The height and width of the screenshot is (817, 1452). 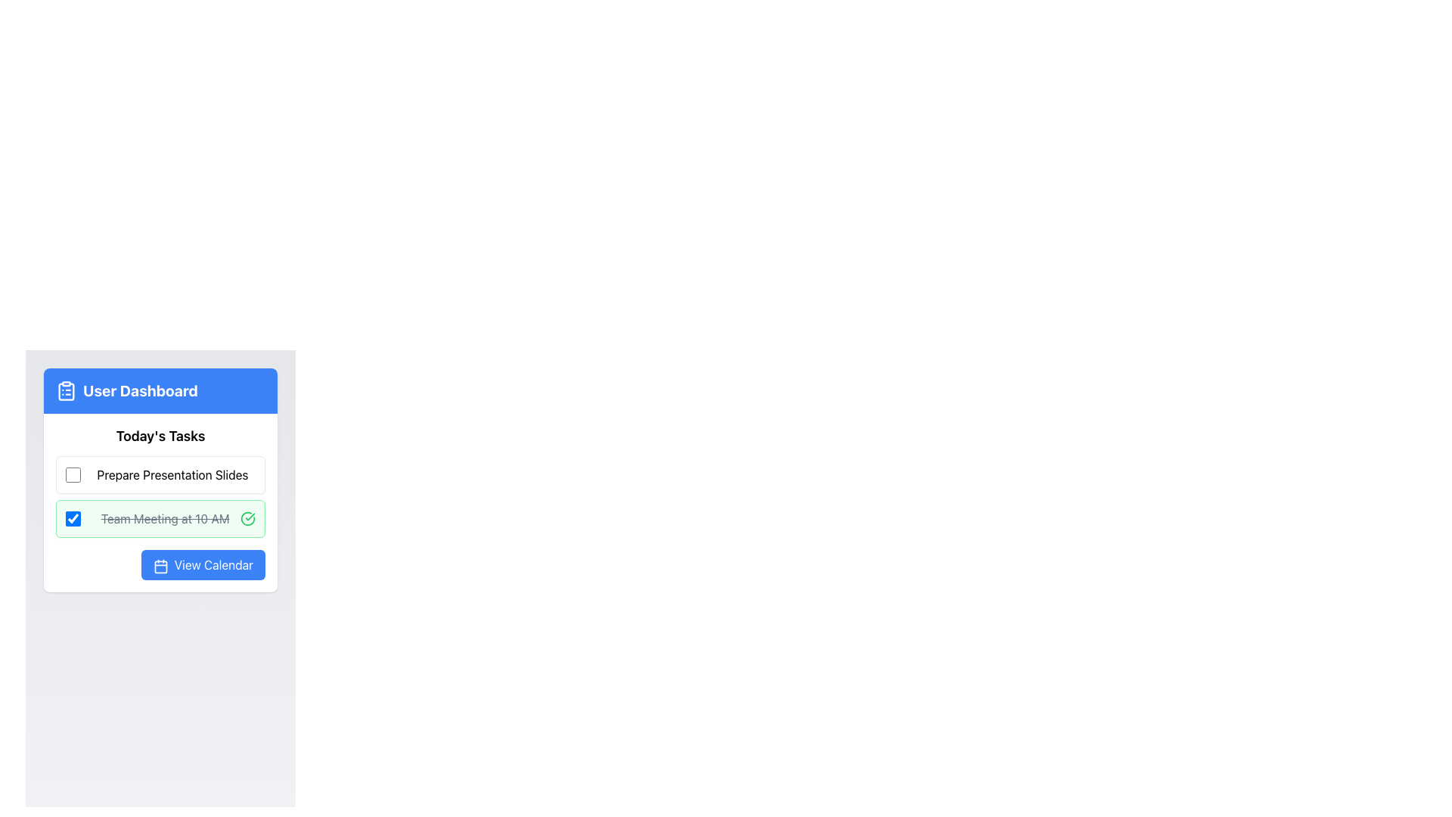 What do you see at coordinates (247, 517) in the screenshot?
I see `the circular icon with a green outline indicating a checkmark, located next to the 'Team Meeting at 10 AM' task in the user dashboard's task list` at bounding box center [247, 517].